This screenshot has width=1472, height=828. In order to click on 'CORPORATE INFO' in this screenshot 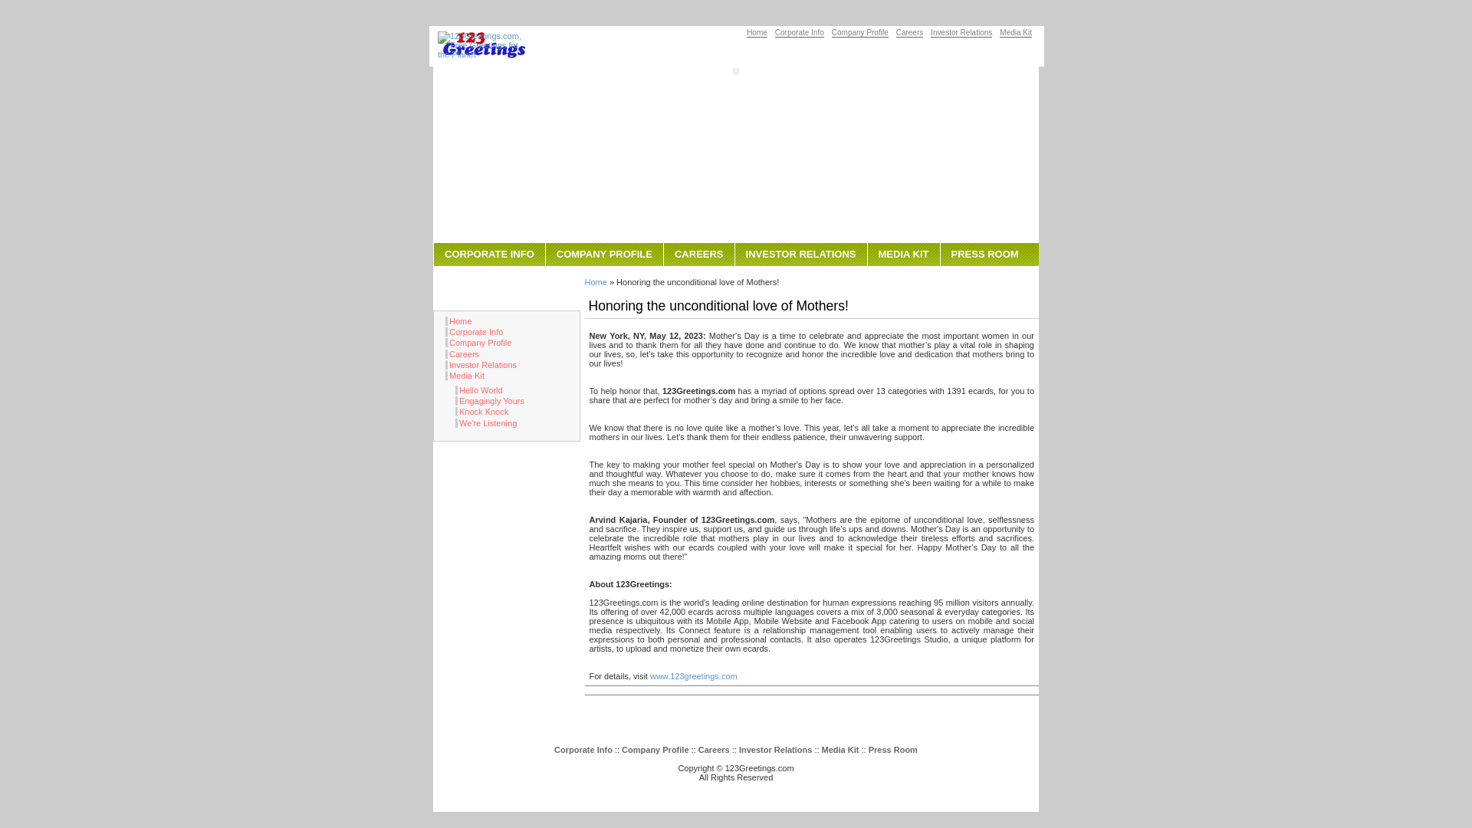, I will do `click(488, 253)`.